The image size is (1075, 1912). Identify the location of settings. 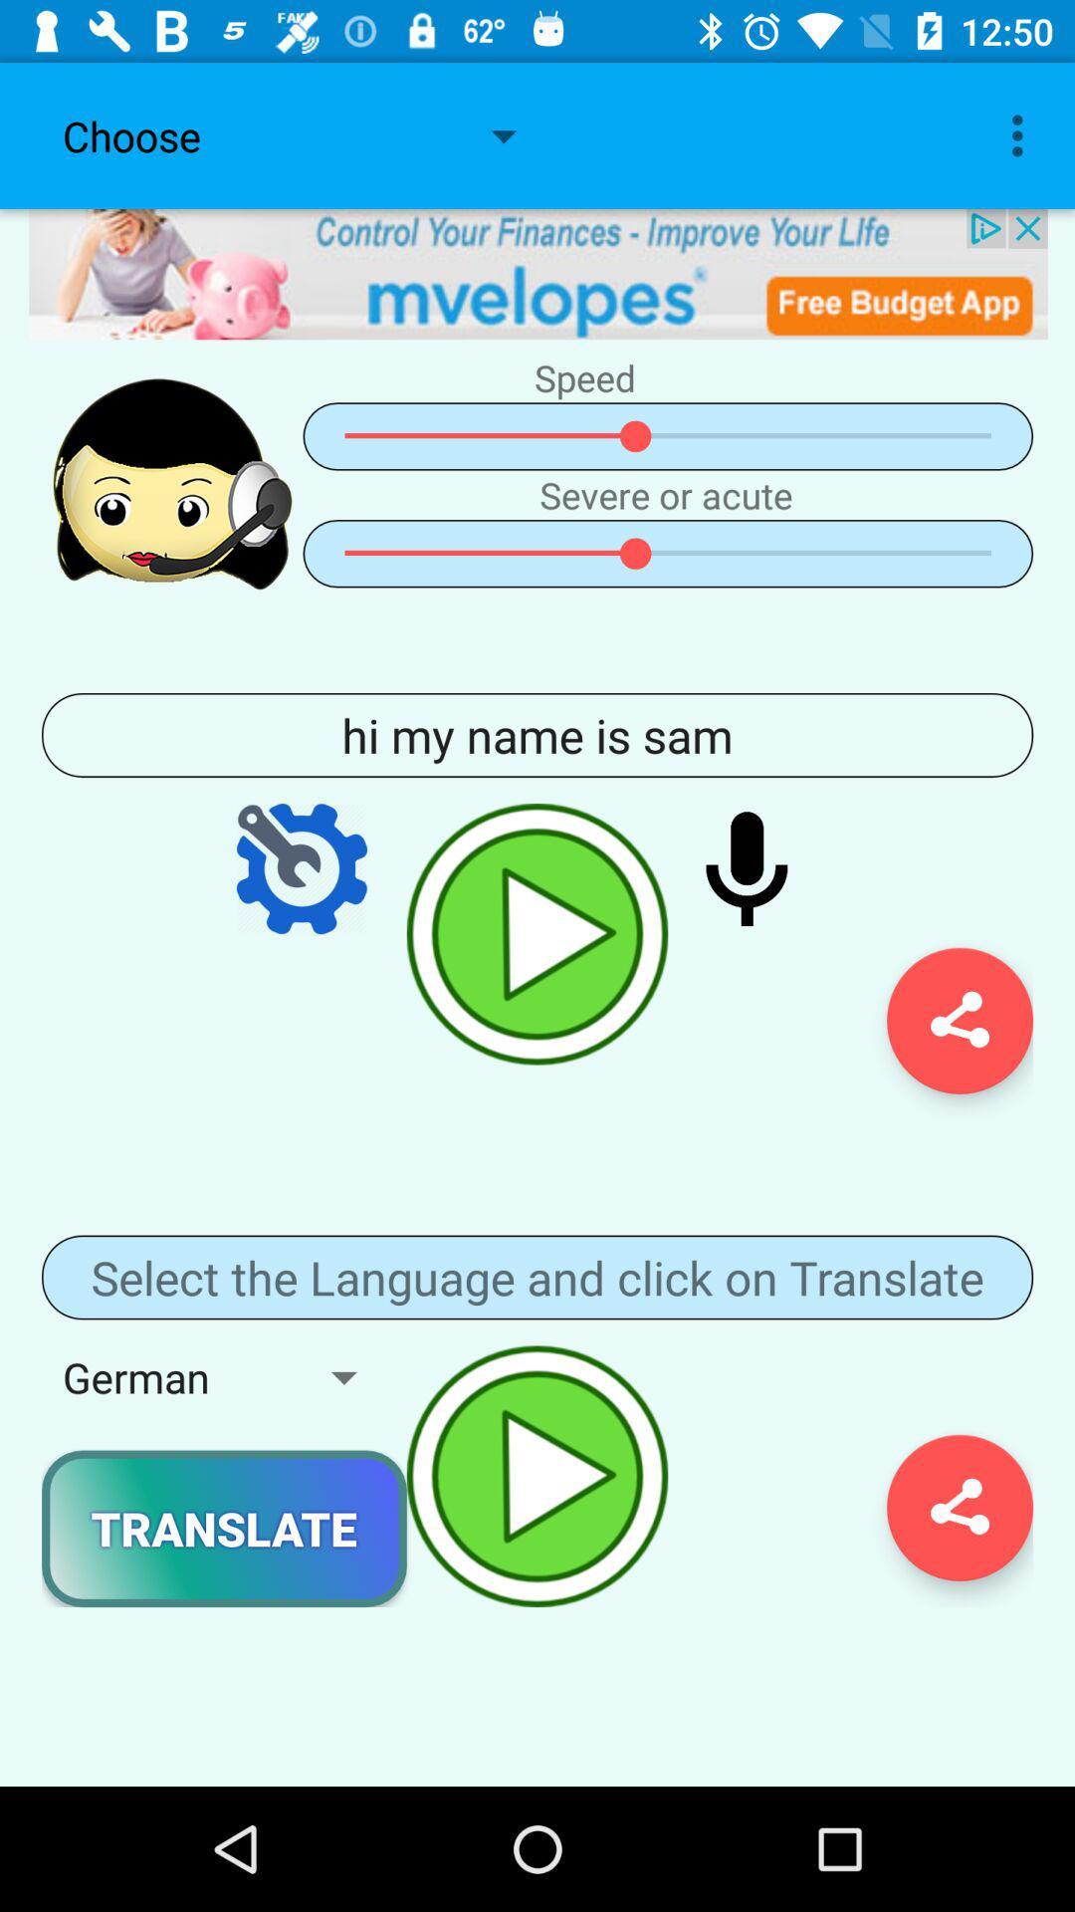
(302, 868).